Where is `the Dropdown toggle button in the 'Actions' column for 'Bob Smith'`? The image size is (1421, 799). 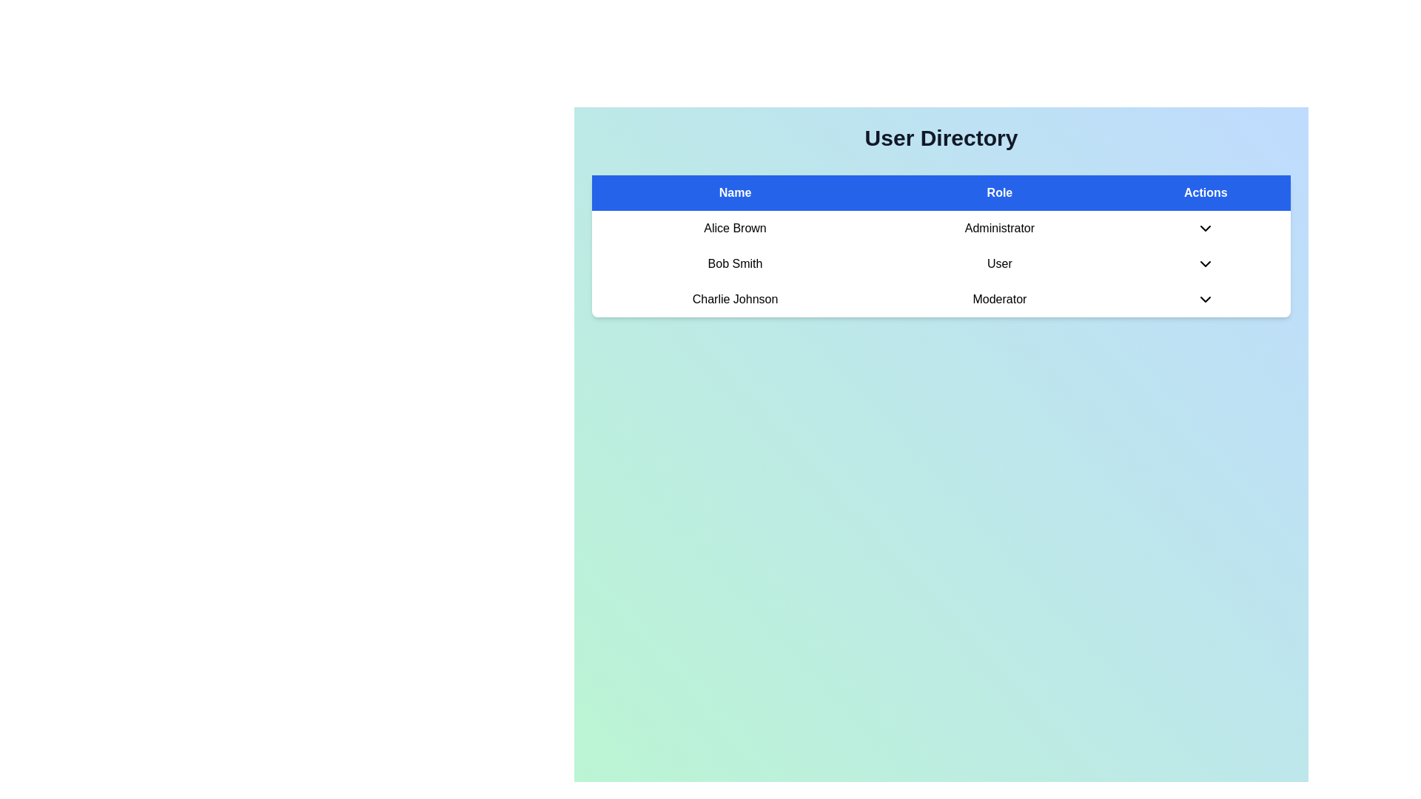 the Dropdown toggle button in the 'Actions' column for 'Bob Smith' is located at coordinates (1206, 263).